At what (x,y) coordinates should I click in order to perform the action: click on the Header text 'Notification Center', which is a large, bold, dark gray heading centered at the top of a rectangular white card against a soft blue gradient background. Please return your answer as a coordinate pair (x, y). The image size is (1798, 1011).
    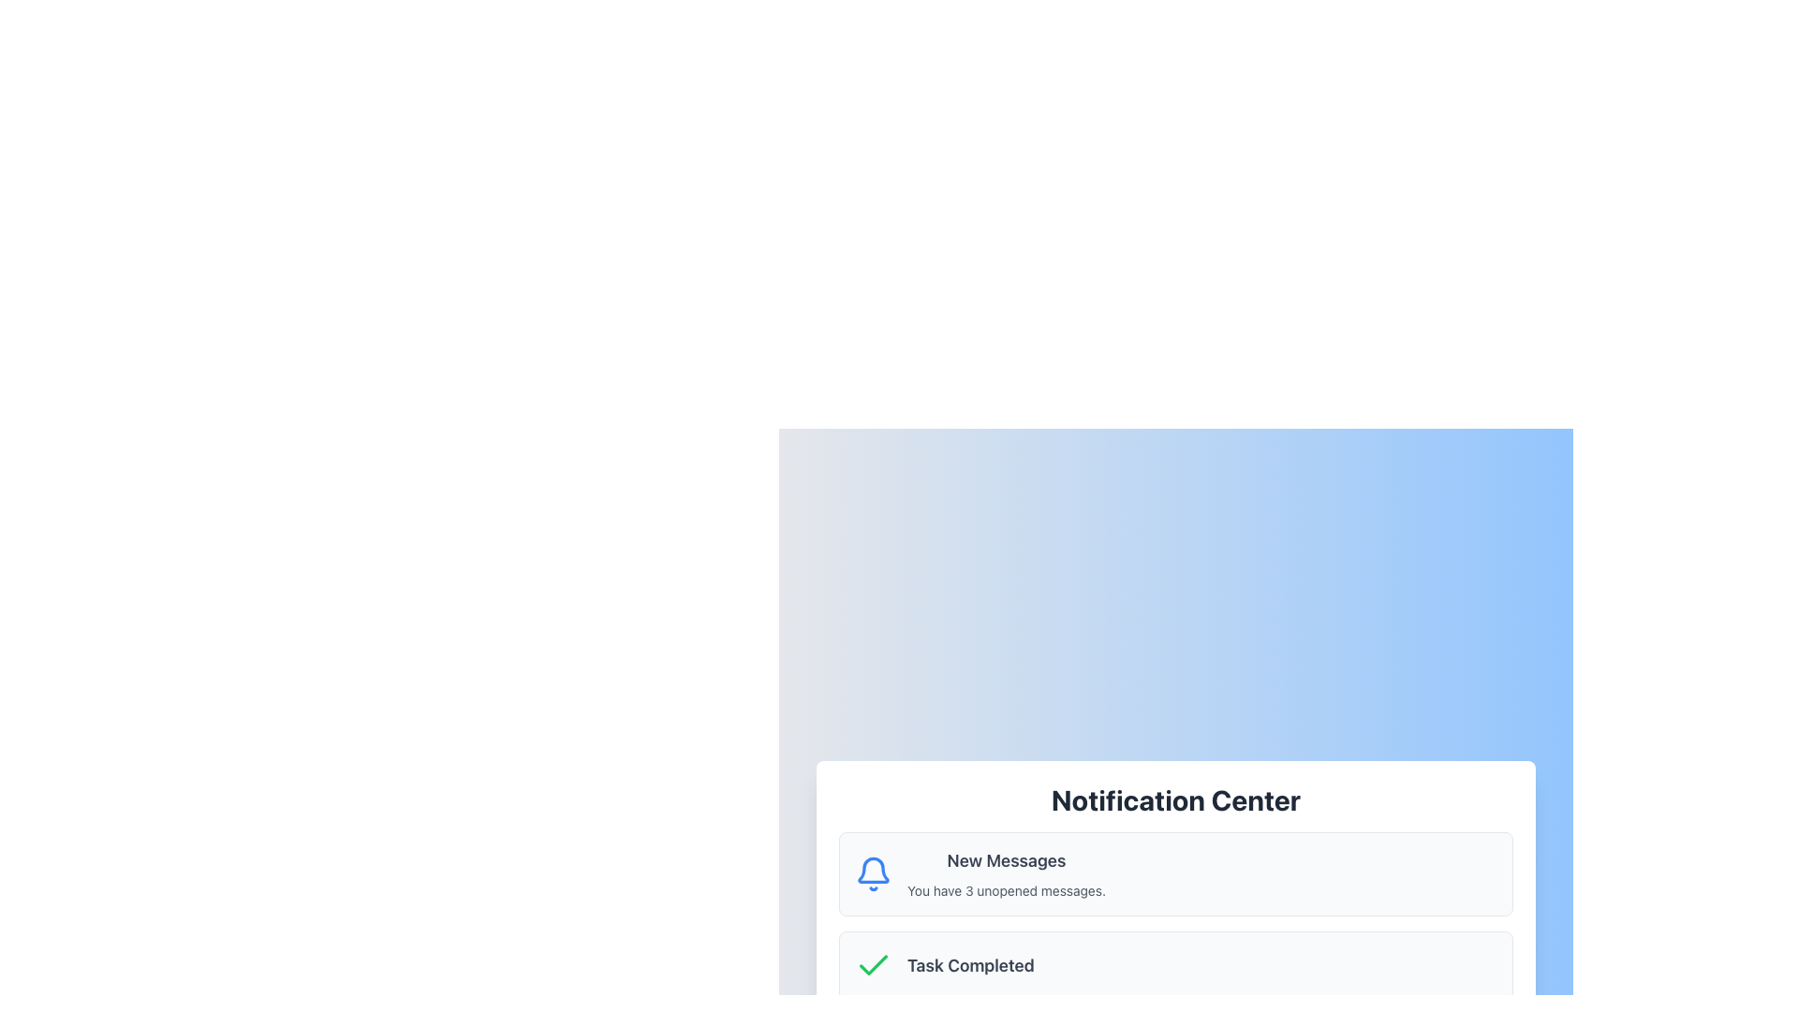
    Looking at the image, I should click on (1175, 800).